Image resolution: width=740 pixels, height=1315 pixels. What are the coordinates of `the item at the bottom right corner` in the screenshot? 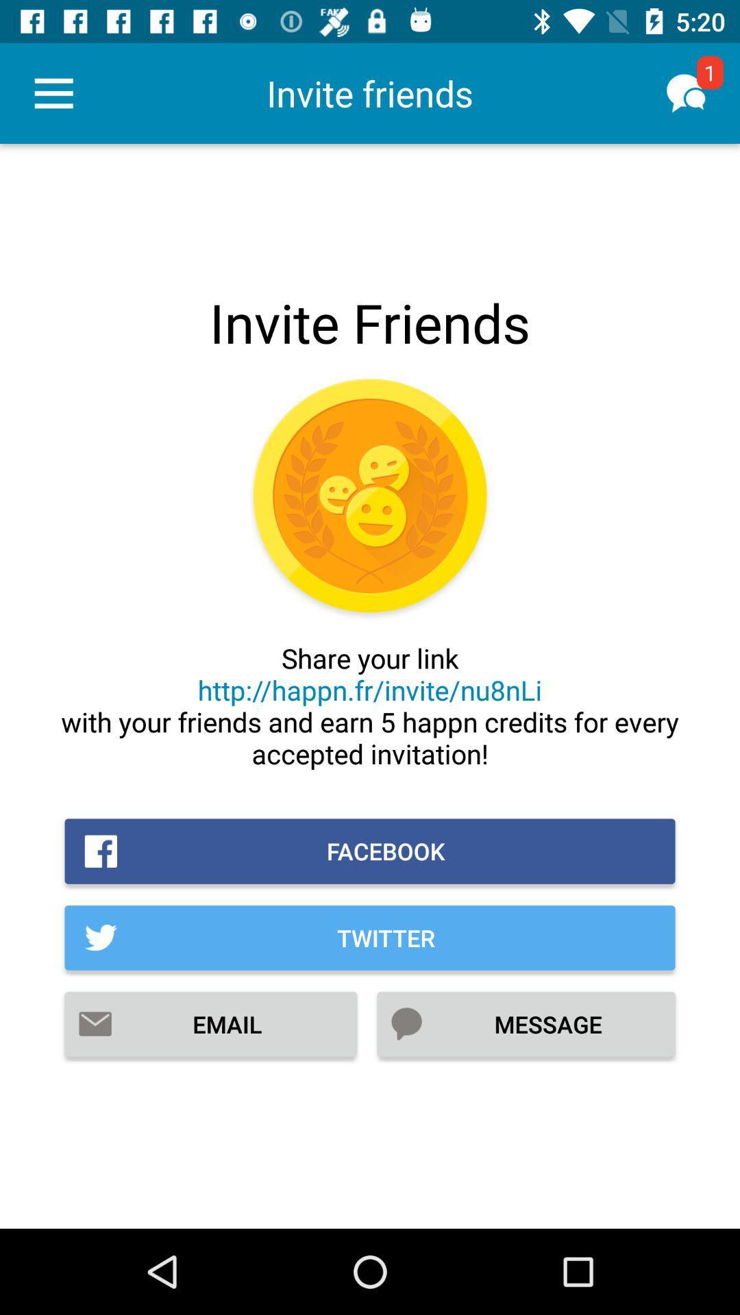 It's located at (525, 1024).